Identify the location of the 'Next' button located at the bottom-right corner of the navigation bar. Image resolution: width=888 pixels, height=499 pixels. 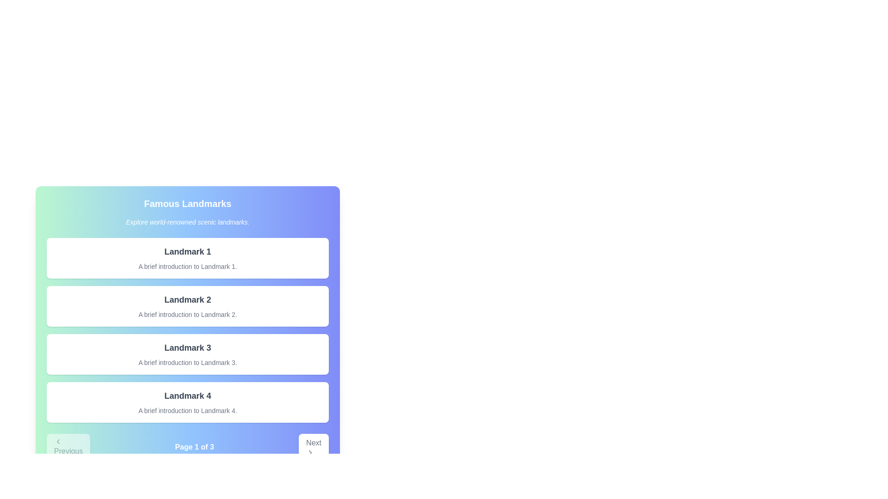
(314, 447).